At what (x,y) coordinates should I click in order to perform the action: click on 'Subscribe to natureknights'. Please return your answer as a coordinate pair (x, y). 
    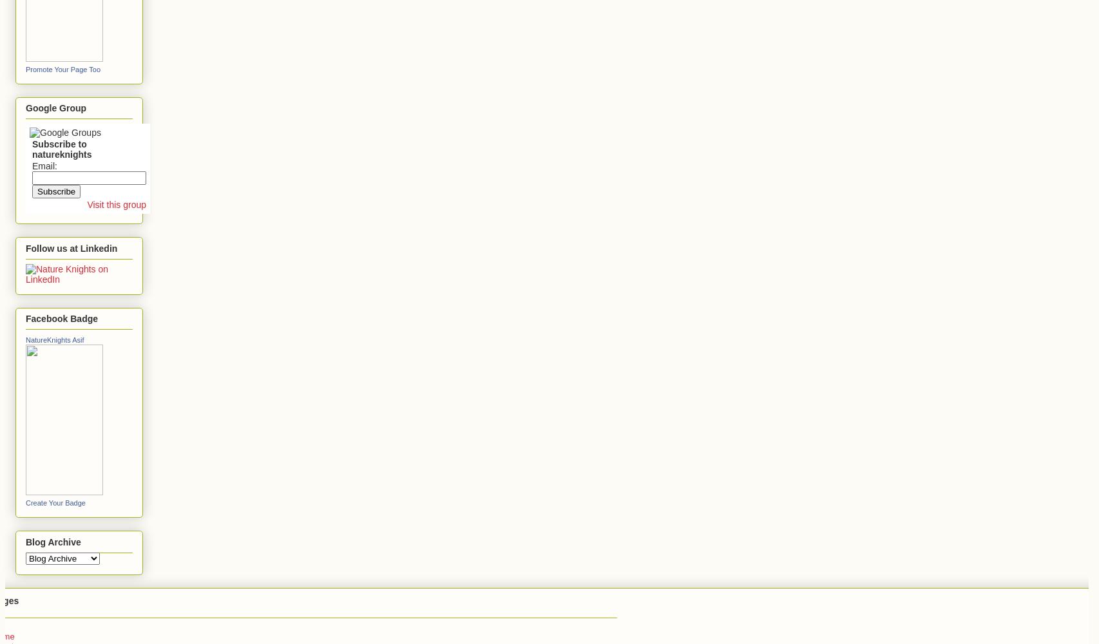
    Looking at the image, I should click on (62, 149).